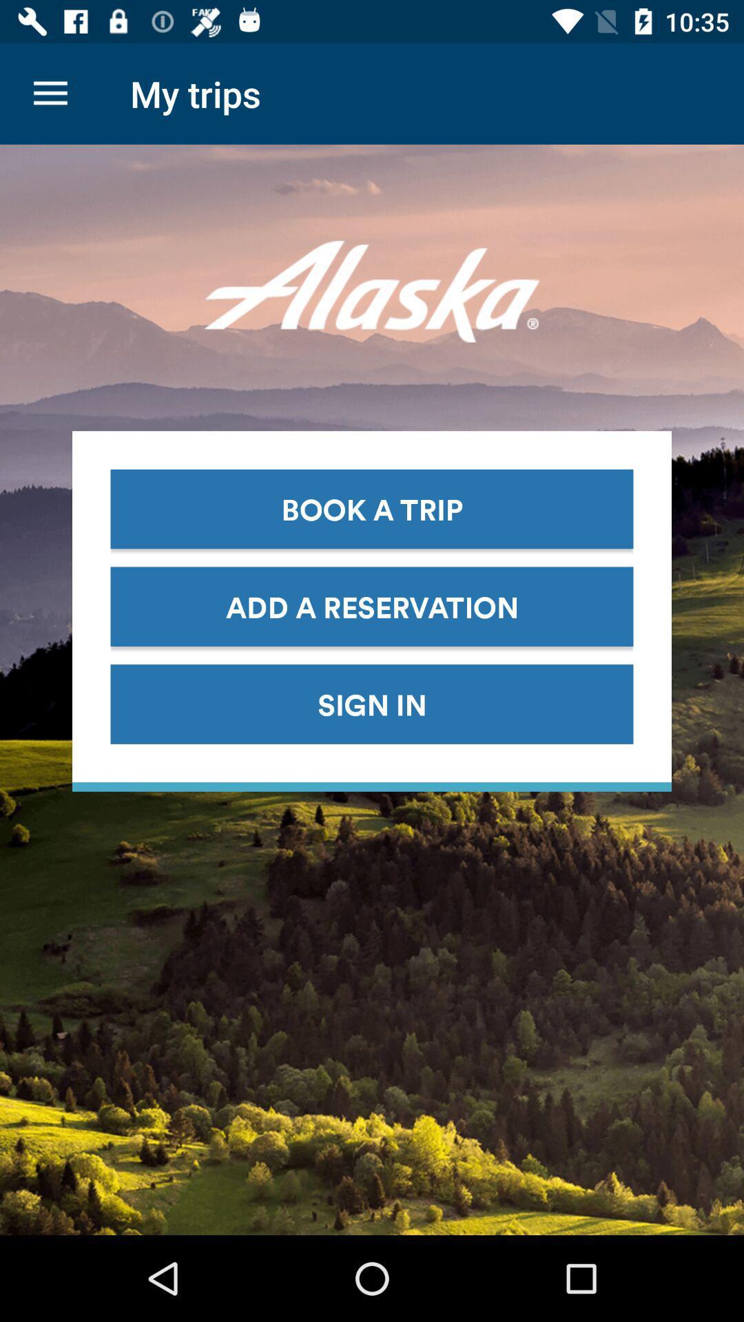 This screenshot has height=1322, width=744. What do you see at coordinates (372, 606) in the screenshot?
I see `the add a reservation icon` at bounding box center [372, 606].